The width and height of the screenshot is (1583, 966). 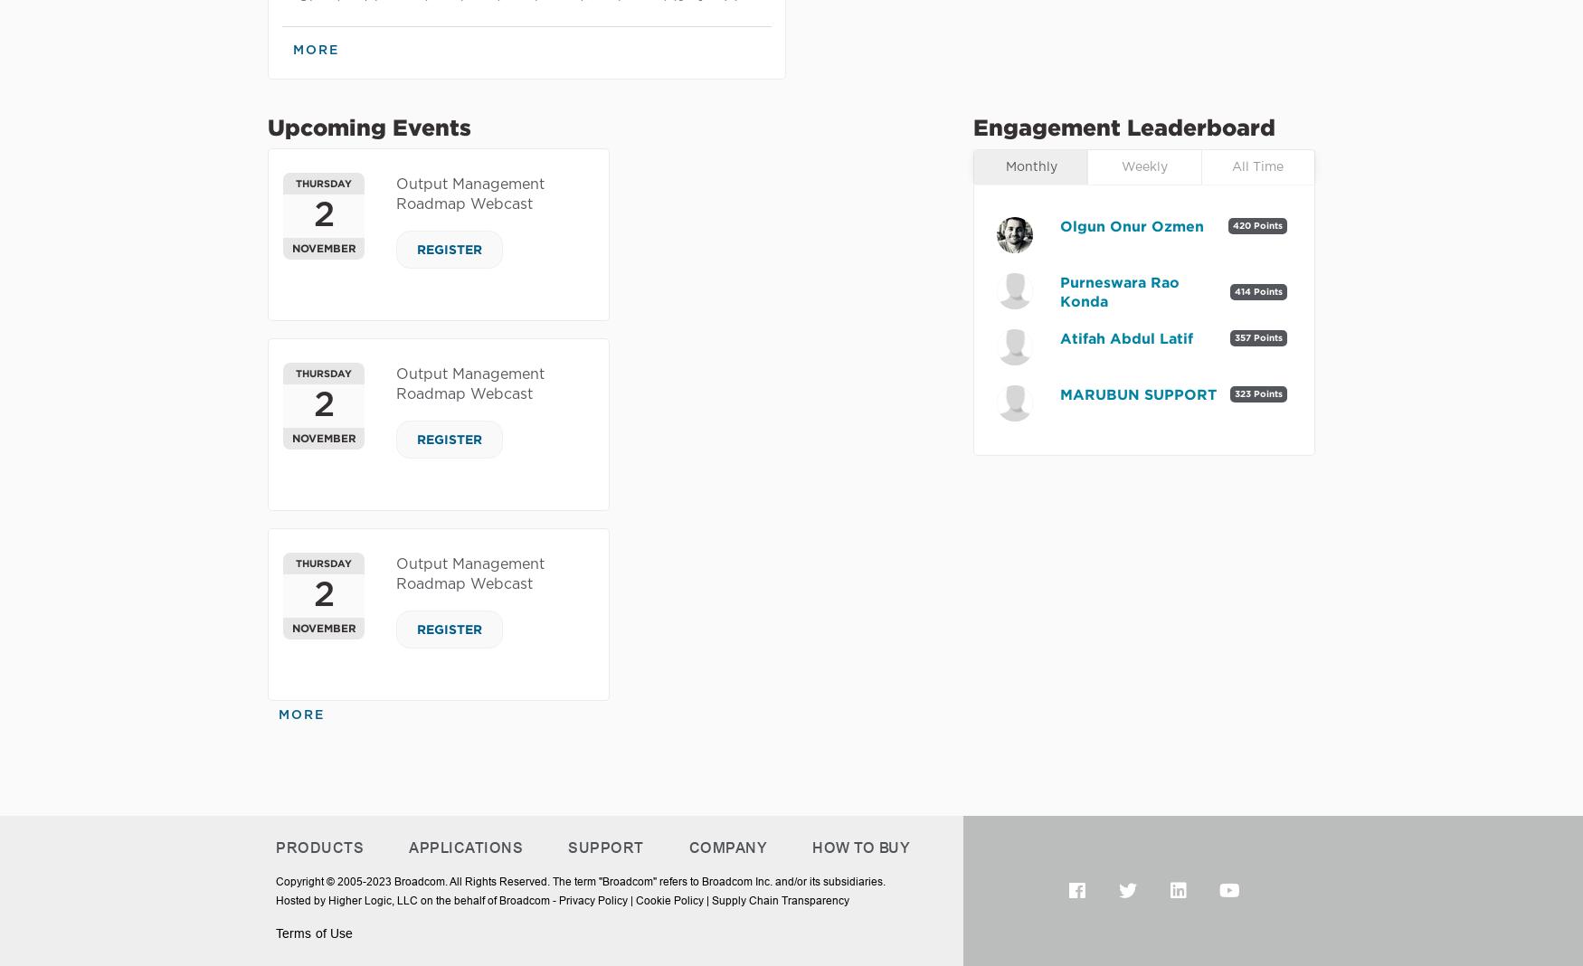 What do you see at coordinates (567, 847) in the screenshot?
I see `'Support'` at bounding box center [567, 847].